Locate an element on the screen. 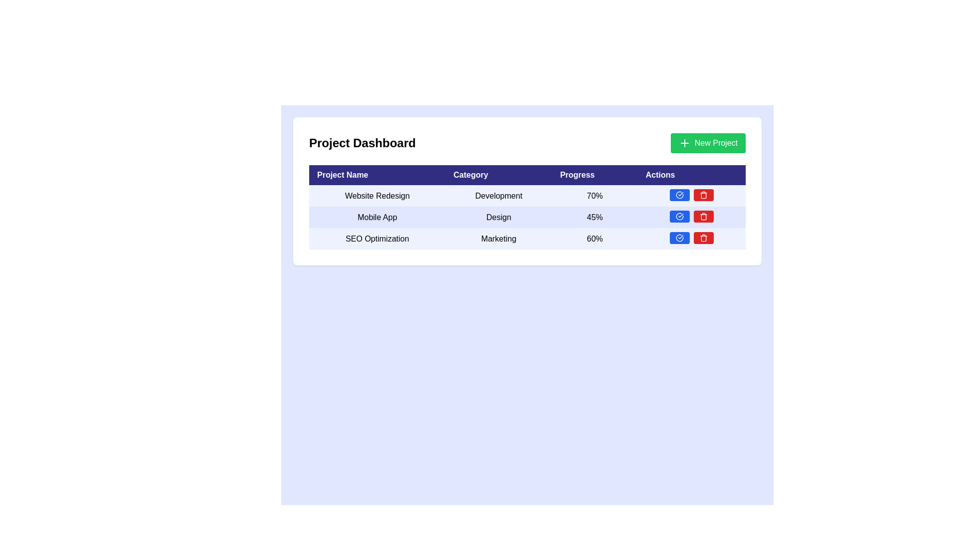 Image resolution: width=959 pixels, height=539 pixels. the progress percentage text in the 'Progress' column of the table, which indicates the completion status of the project is located at coordinates (594, 217).